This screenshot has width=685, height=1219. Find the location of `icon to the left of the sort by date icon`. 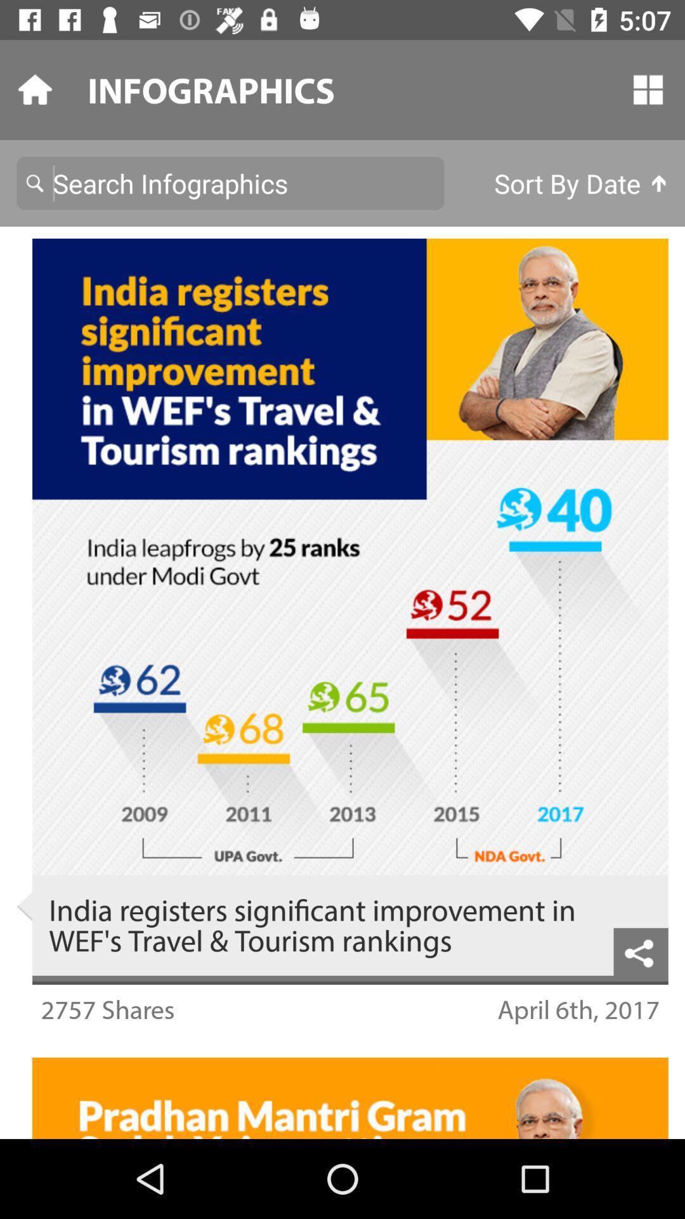

icon to the left of the sort by date icon is located at coordinates (230, 182).